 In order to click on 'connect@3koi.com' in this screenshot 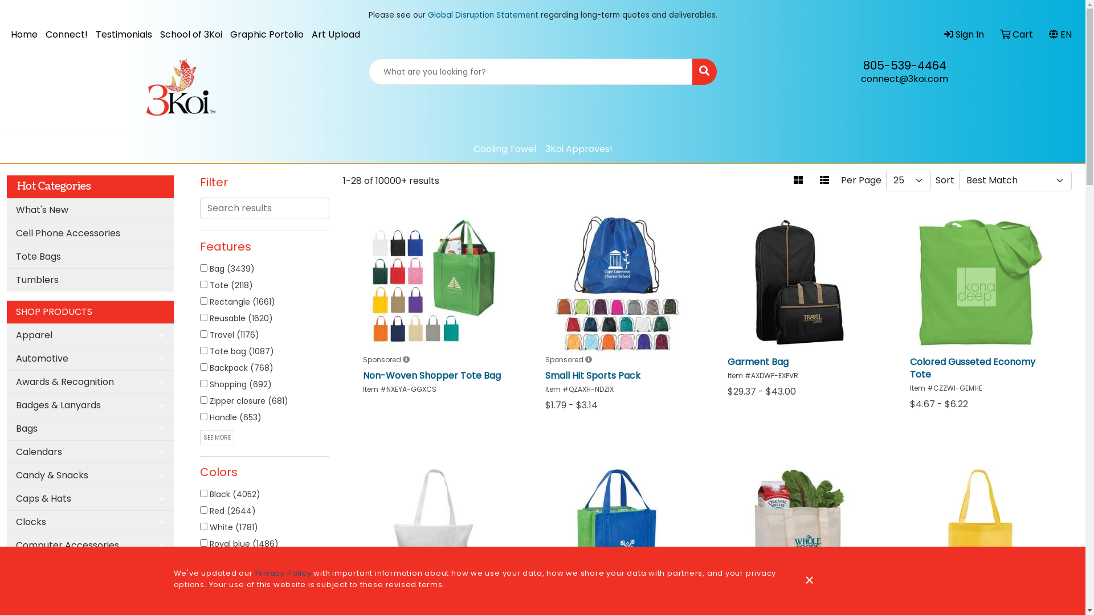, I will do `click(904, 78)`.